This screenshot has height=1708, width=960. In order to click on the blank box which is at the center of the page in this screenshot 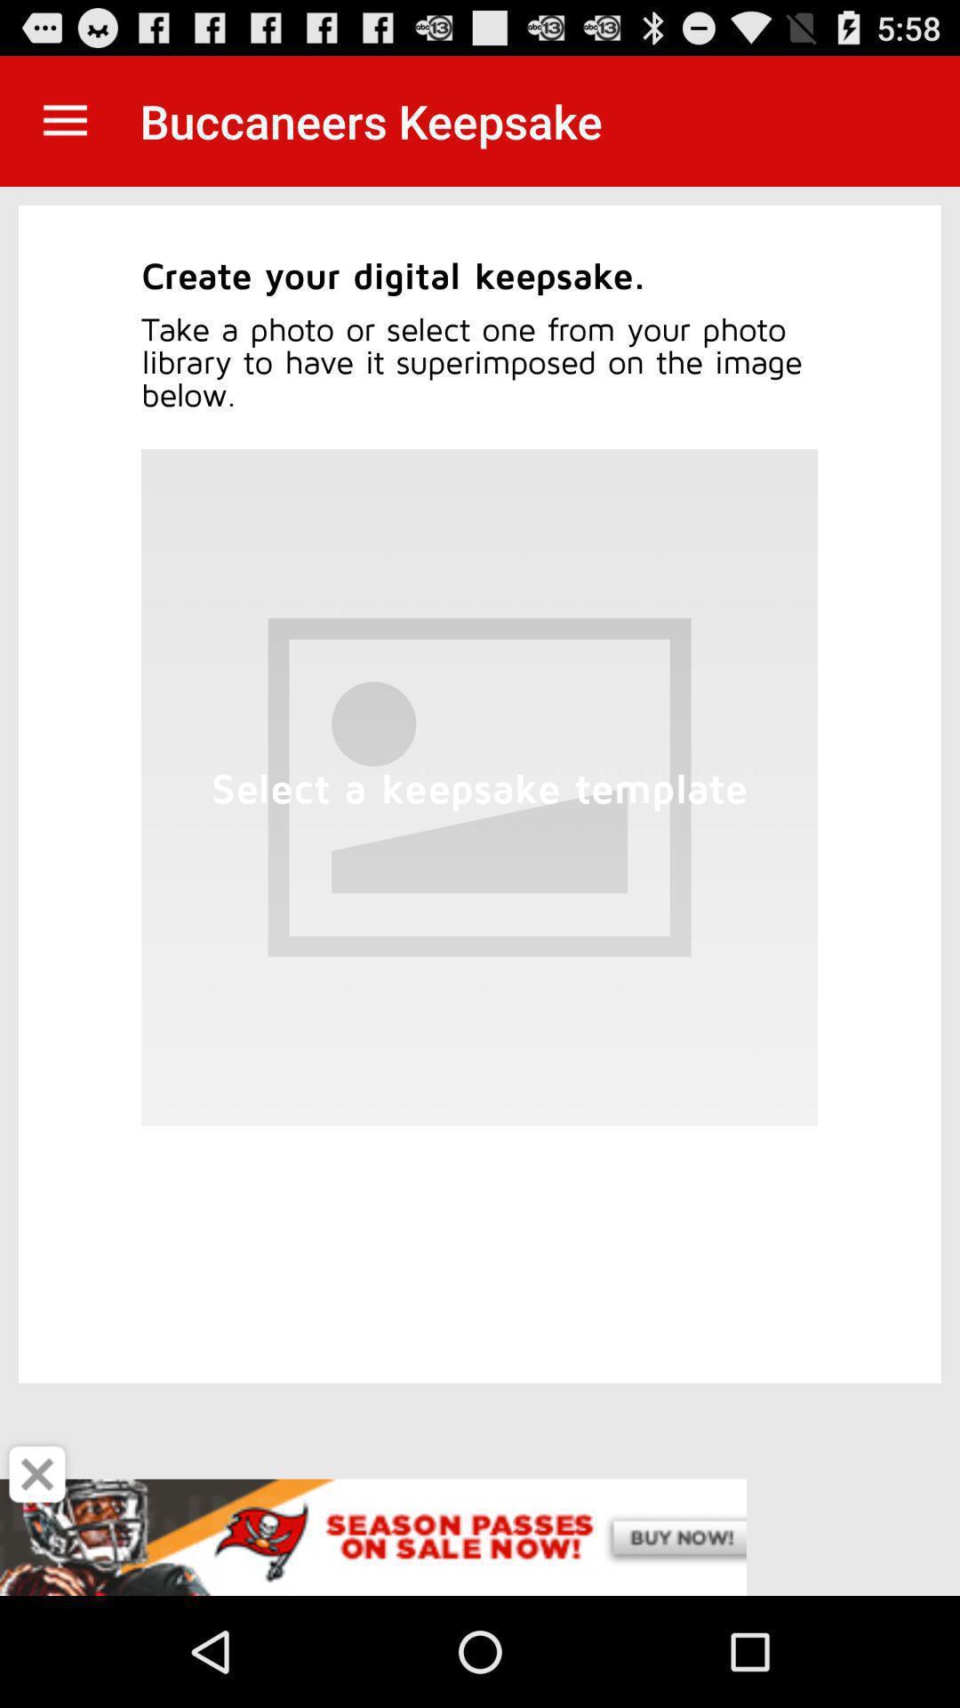, I will do `click(478, 786)`.